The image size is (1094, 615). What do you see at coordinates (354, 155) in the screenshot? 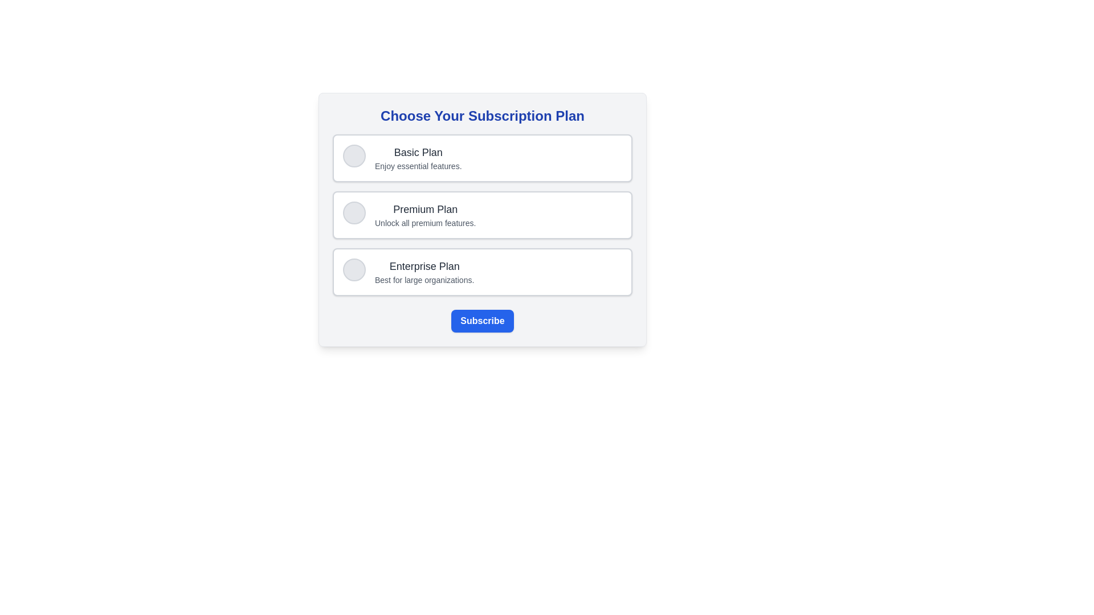
I see `the circular marker indicating the selection status for the 'Basic Plan' option` at bounding box center [354, 155].